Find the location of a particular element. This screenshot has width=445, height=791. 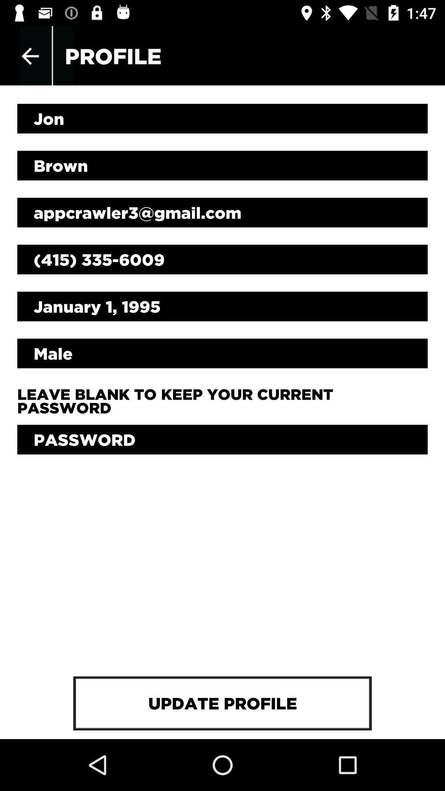

the jon item is located at coordinates (222, 118).